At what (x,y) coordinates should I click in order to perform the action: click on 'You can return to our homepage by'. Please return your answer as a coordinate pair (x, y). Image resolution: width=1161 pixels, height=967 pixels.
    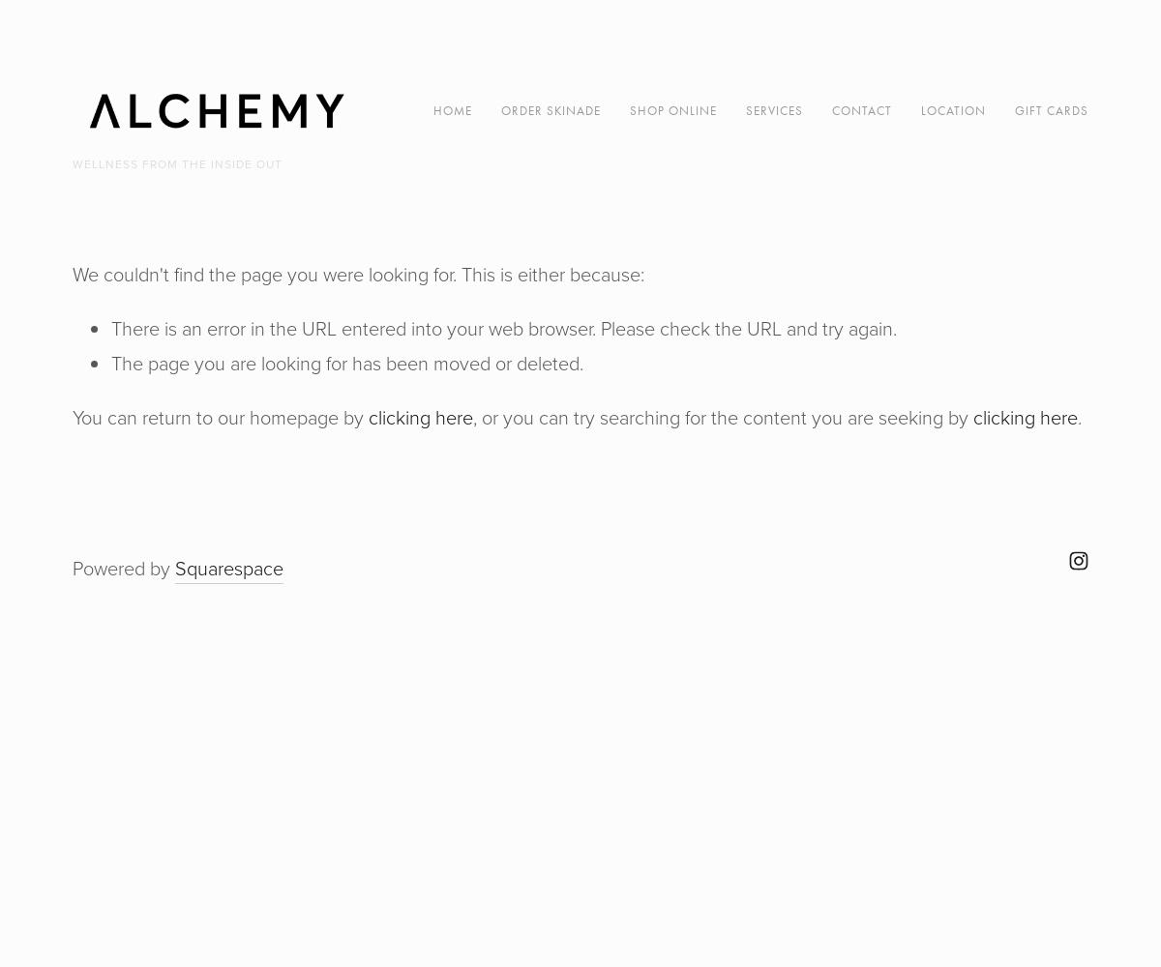
    Looking at the image, I should click on (220, 418).